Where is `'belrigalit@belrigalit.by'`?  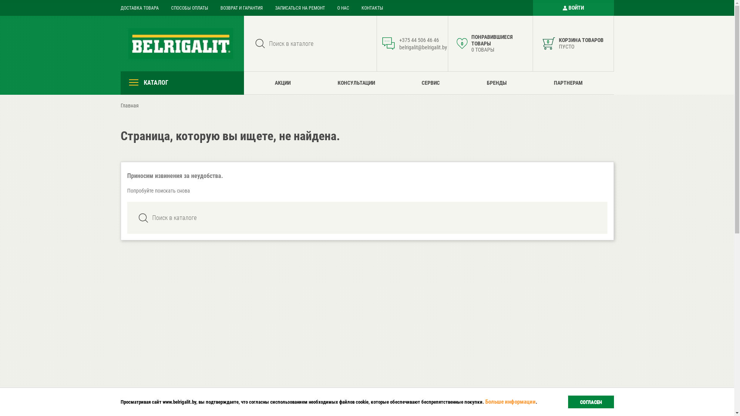
'belrigalit@belrigalit.by' is located at coordinates (399, 47).